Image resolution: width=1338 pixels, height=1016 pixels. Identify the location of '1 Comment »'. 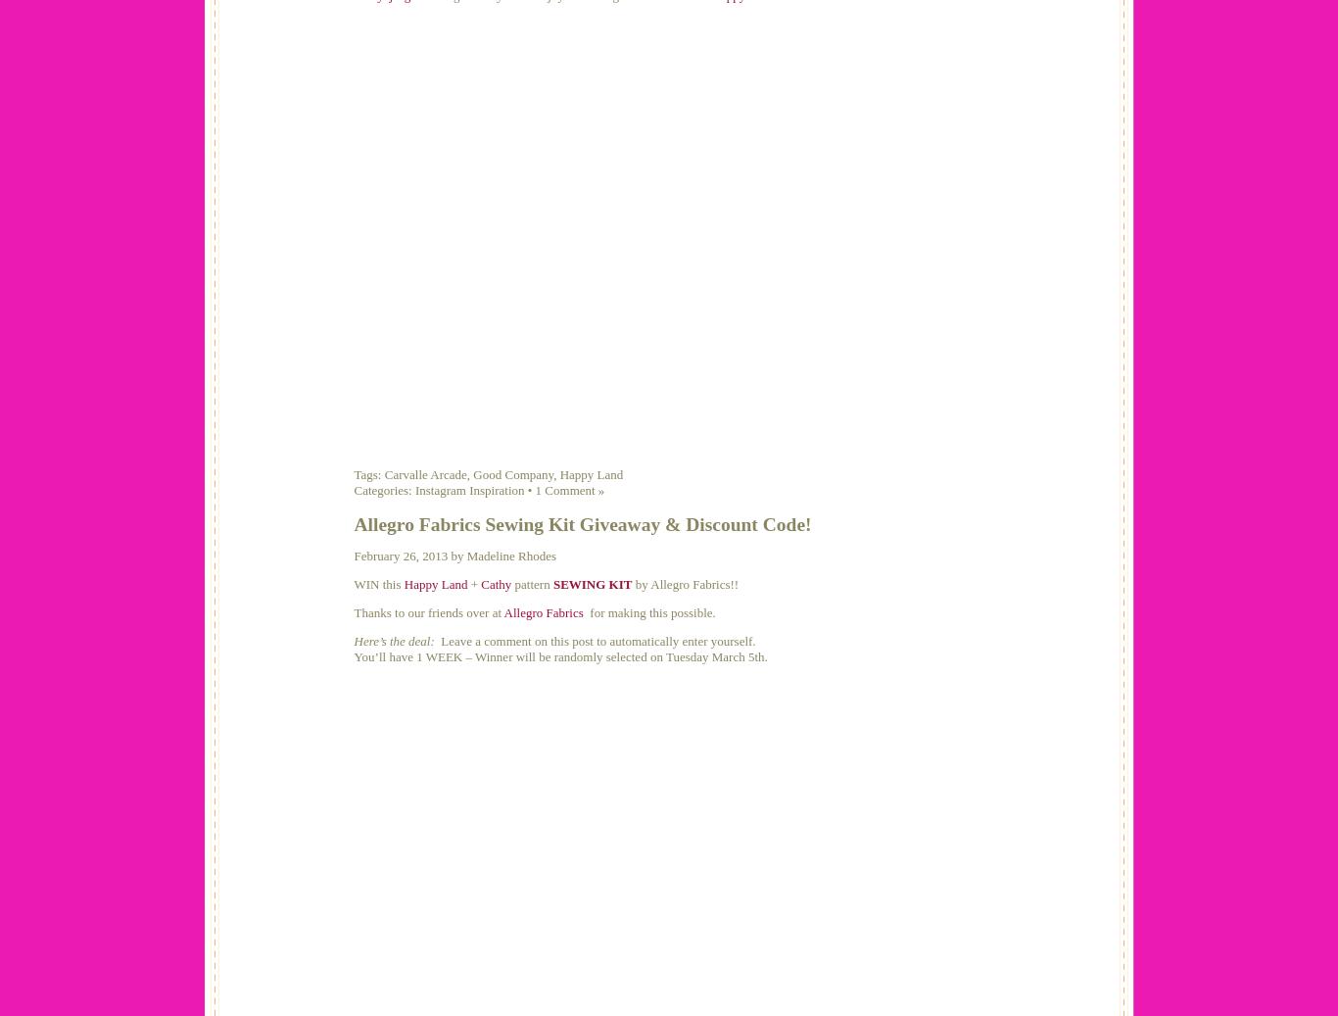
(568, 488).